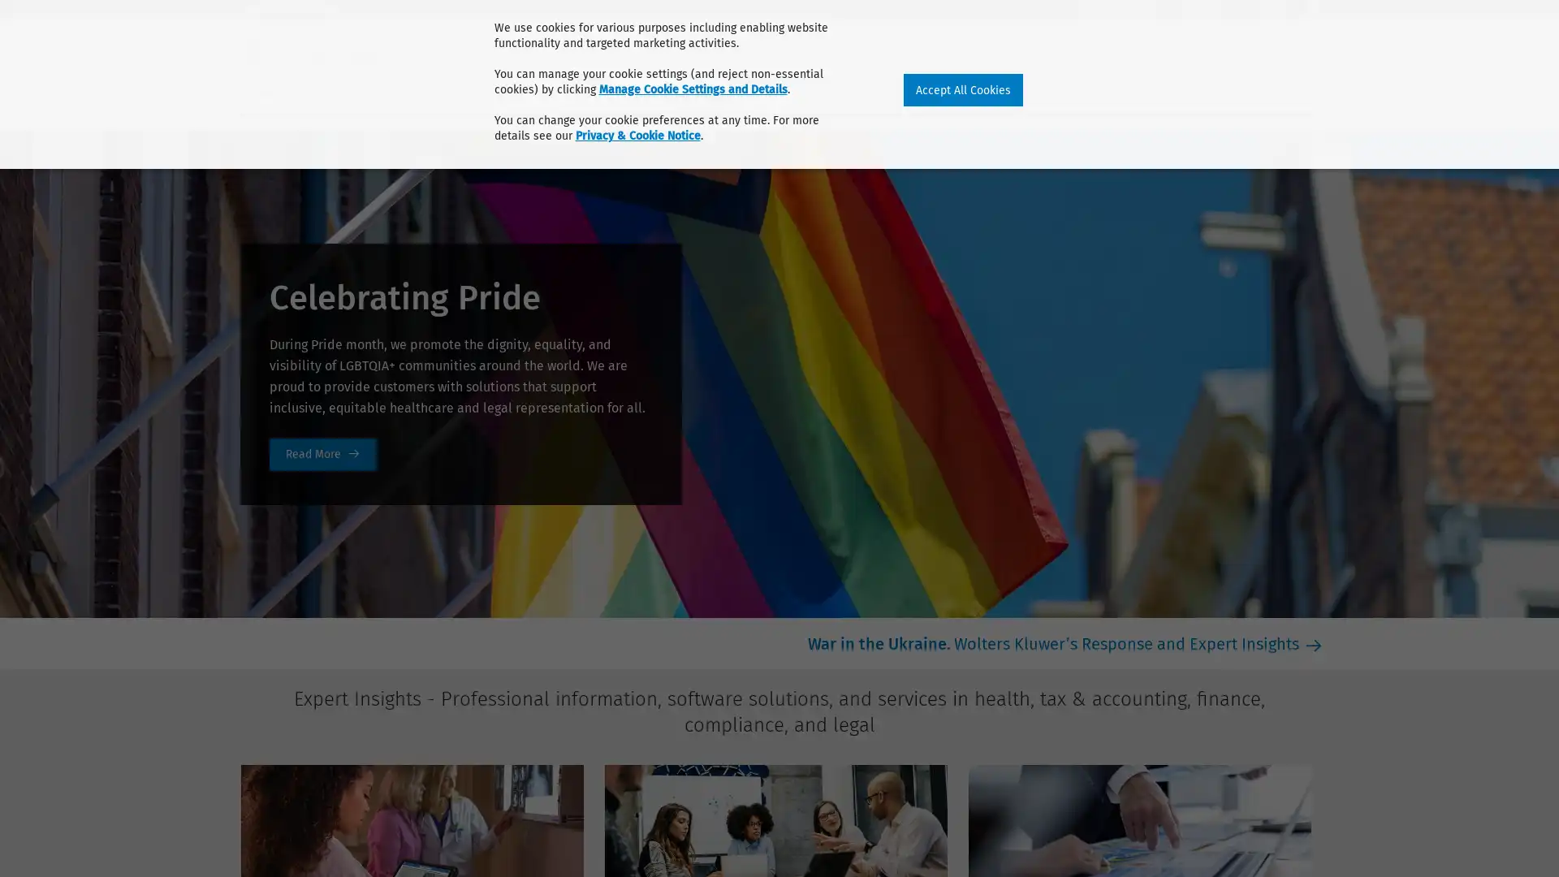 The width and height of the screenshot is (1559, 877). I want to click on /Feature/WoltersKluwer/OneWeb/SearchHeader/Search, so click(1325, 45).